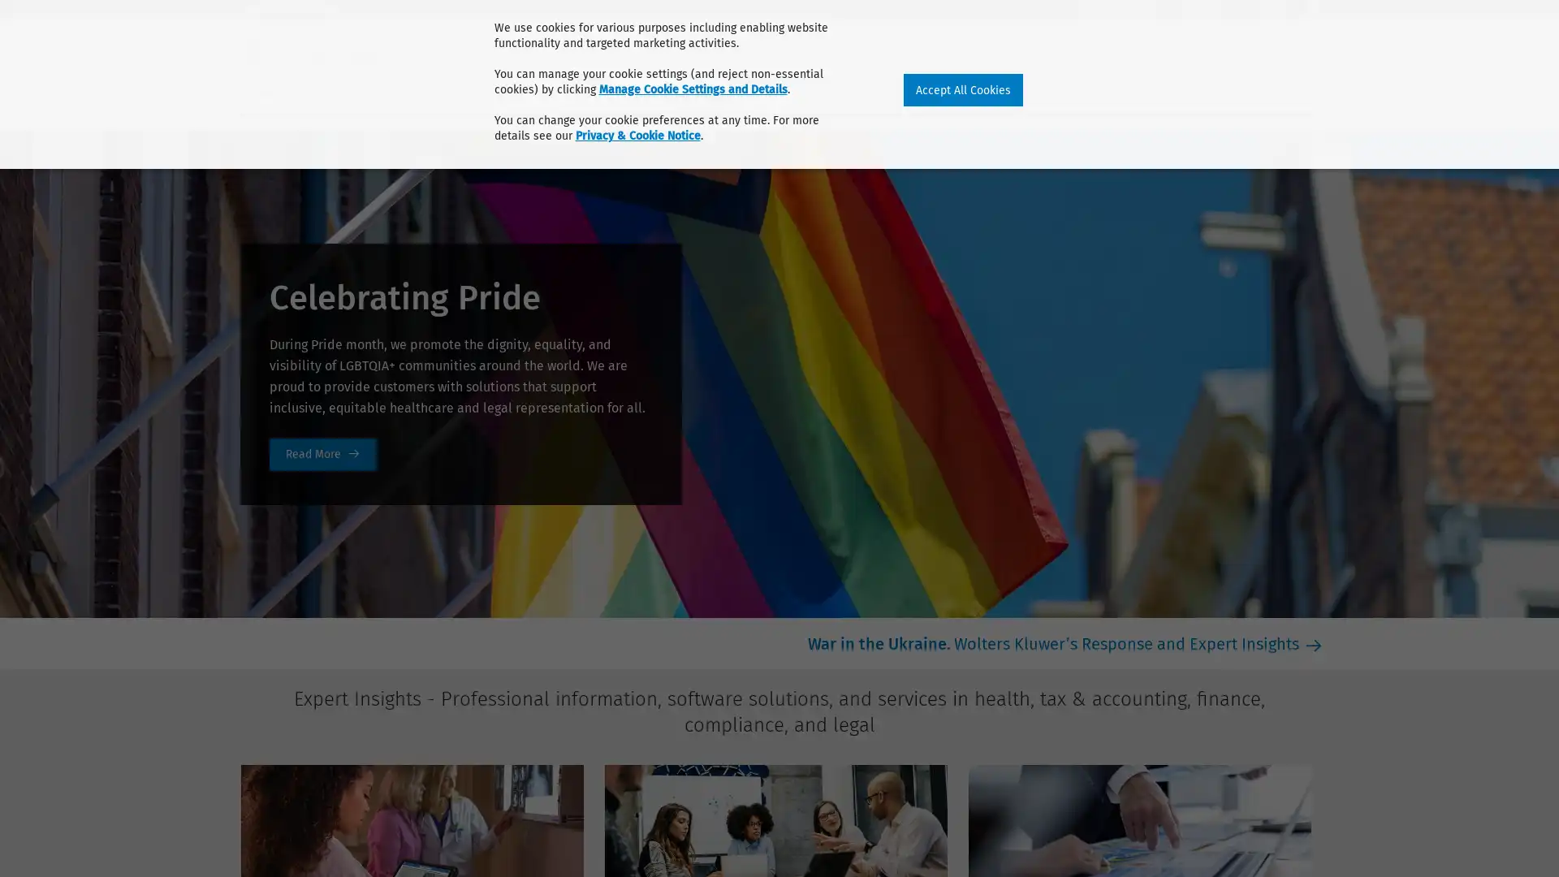 The width and height of the screenshot is (1559, 877). I want to click on /Feature/WoltersKluwer/OneWeb/SearchHeader/Search, so click(1325, 45).